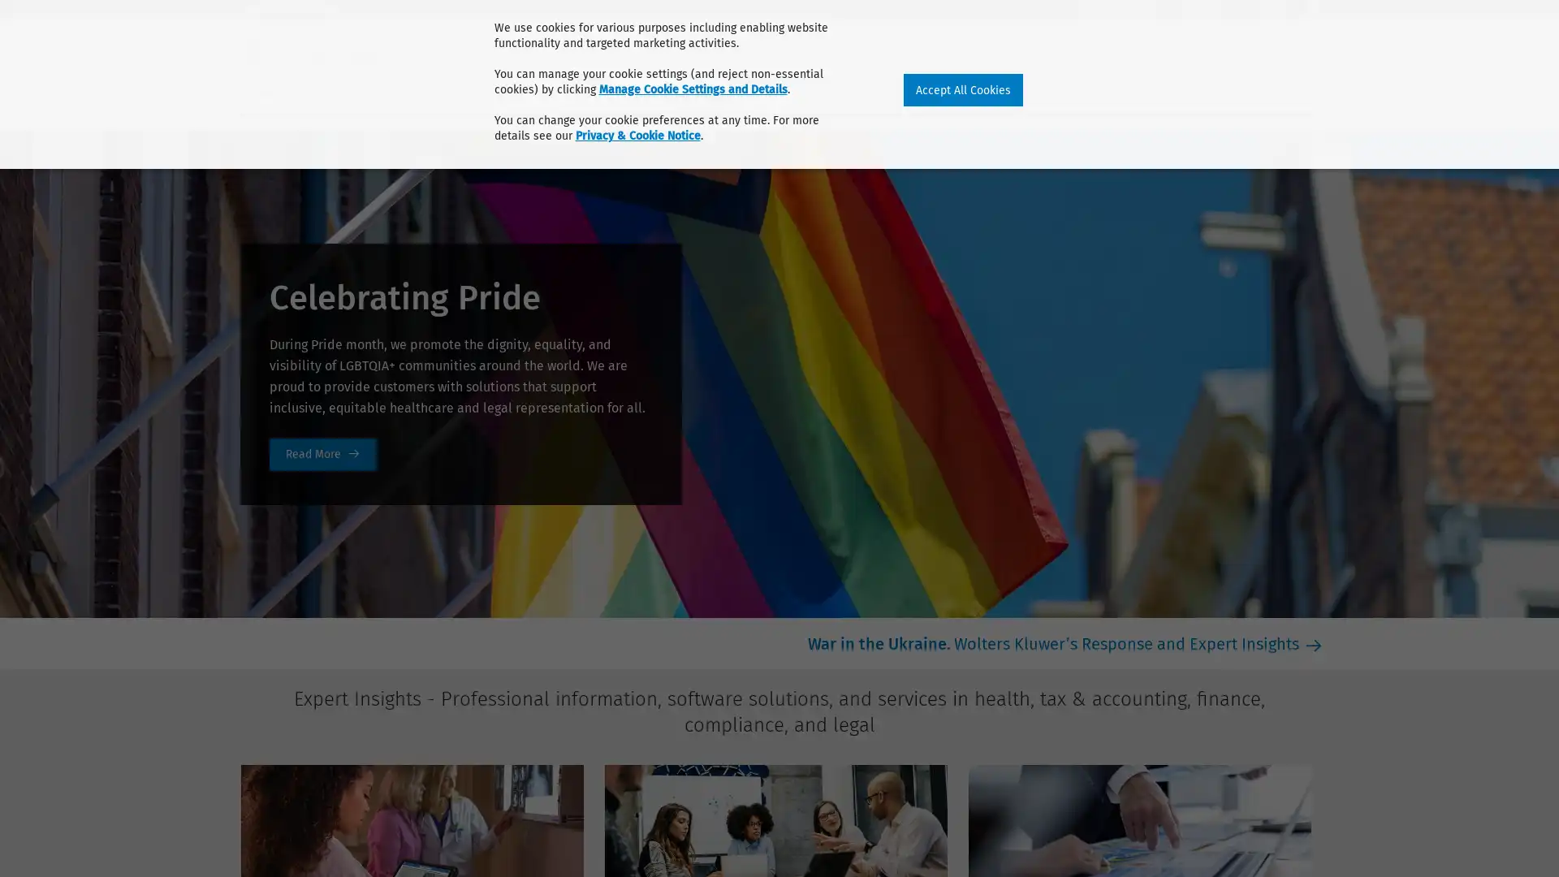 The width and height of the screenshot is (1559, 877). I want to click on /Feature/WoltersKluwer/OneWeb/SearchHeader/Search, so click(1325, 45).